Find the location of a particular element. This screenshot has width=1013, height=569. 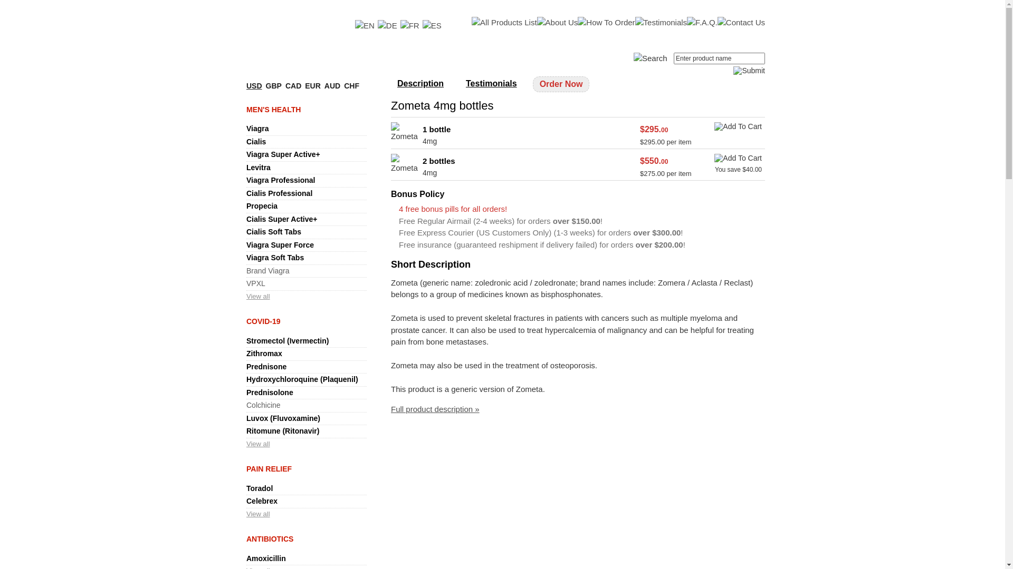

'CHF' is located at coordinates (351, 85).